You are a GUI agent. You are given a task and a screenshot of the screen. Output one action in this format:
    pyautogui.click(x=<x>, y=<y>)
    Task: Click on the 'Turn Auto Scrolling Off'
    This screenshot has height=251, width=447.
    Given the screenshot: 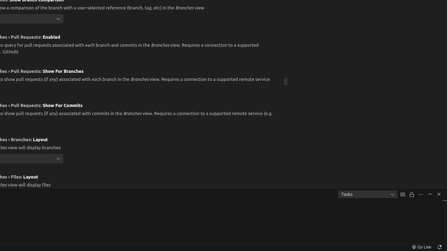 What is the action you would take?
    pyautogui.click(x=412, y=194)
    